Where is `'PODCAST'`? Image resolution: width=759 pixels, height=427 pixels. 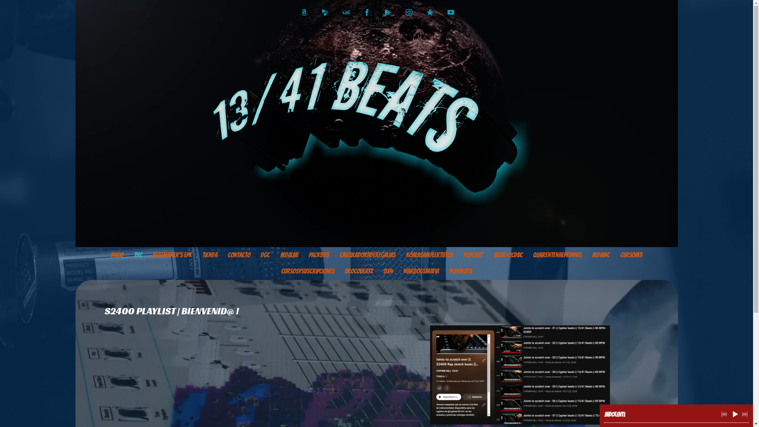 'PODCAST' is located at coordinates (458, 255).